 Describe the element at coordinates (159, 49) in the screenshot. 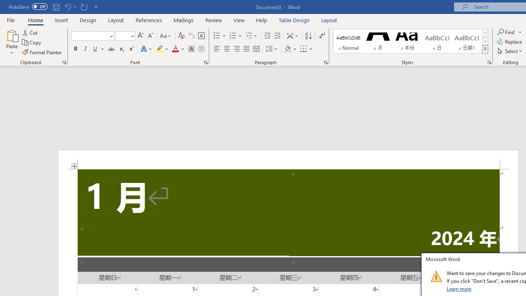

I see `'Text Highlight Color Yellow'` at that location.